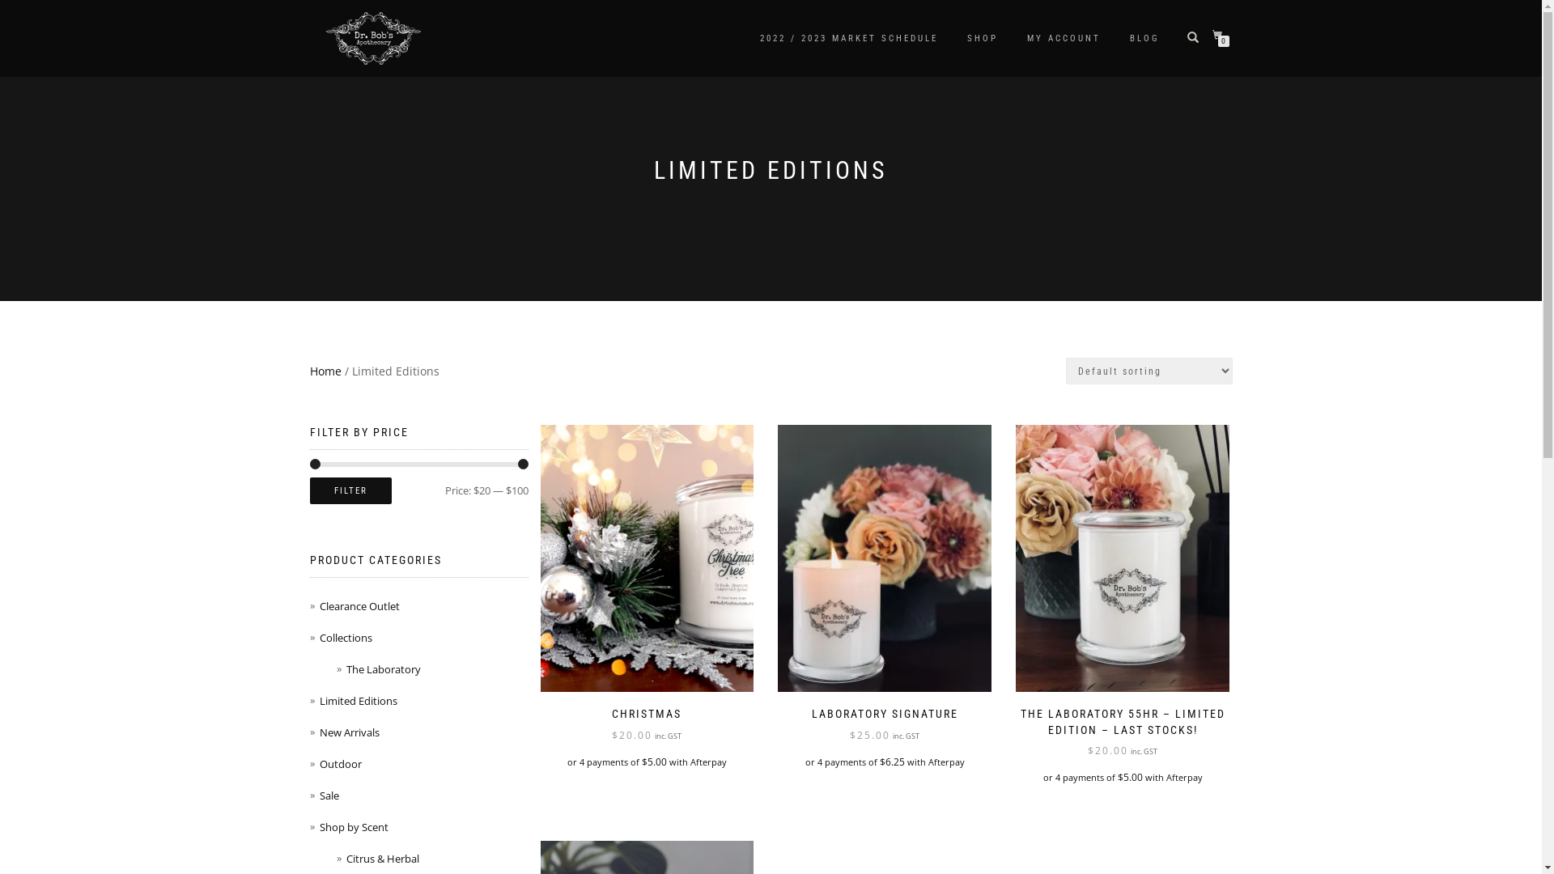 The image size is (1554, 874). What do you see at coordinates (1143, 36) in the screenshot?
I see `'BLOG'` at bounding box center [1143, 36].